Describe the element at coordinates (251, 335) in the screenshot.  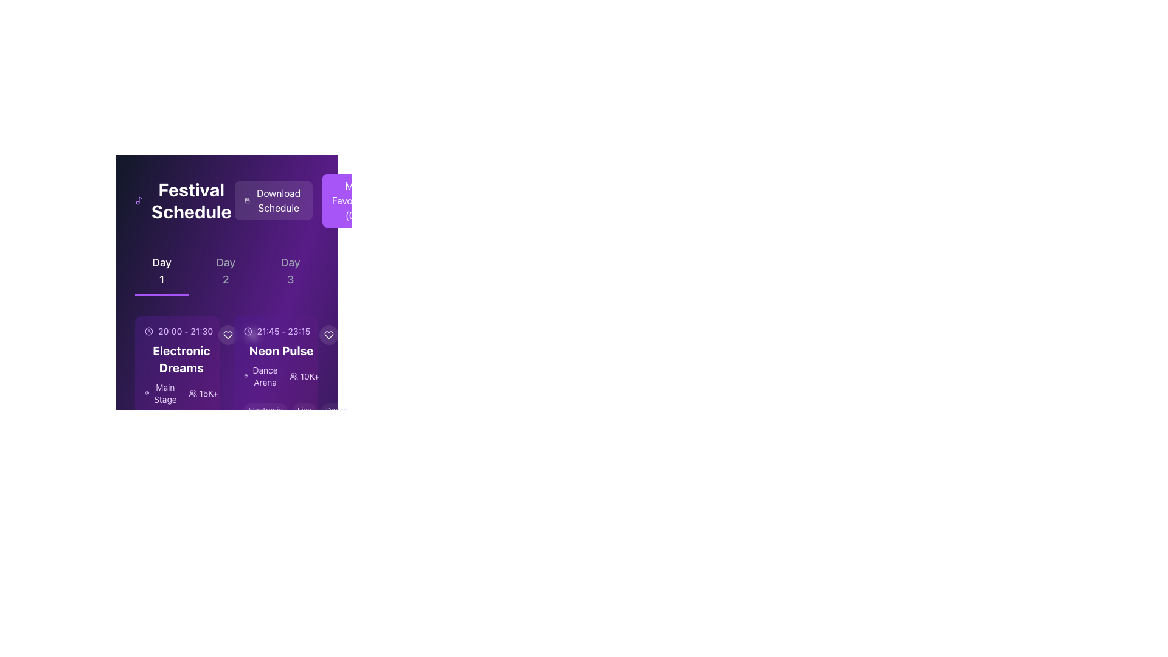
I see `the Share Icon, which is a circular SVG icon with three circles connected by two diagonal lines, located at the center of the schedule card for the 'Neon Pulse' event` at that location.